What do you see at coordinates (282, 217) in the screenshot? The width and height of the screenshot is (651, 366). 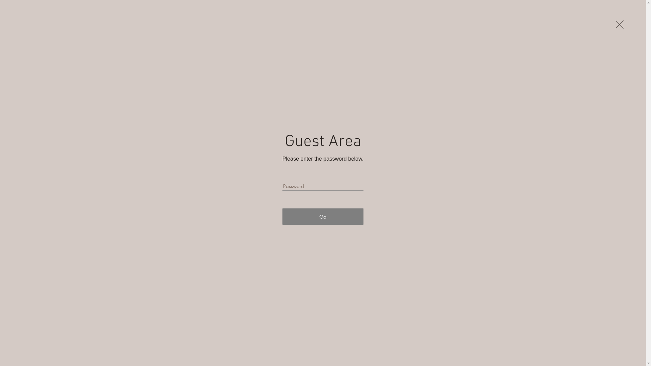 I see `'Go'` at bounding box center [282, 217].